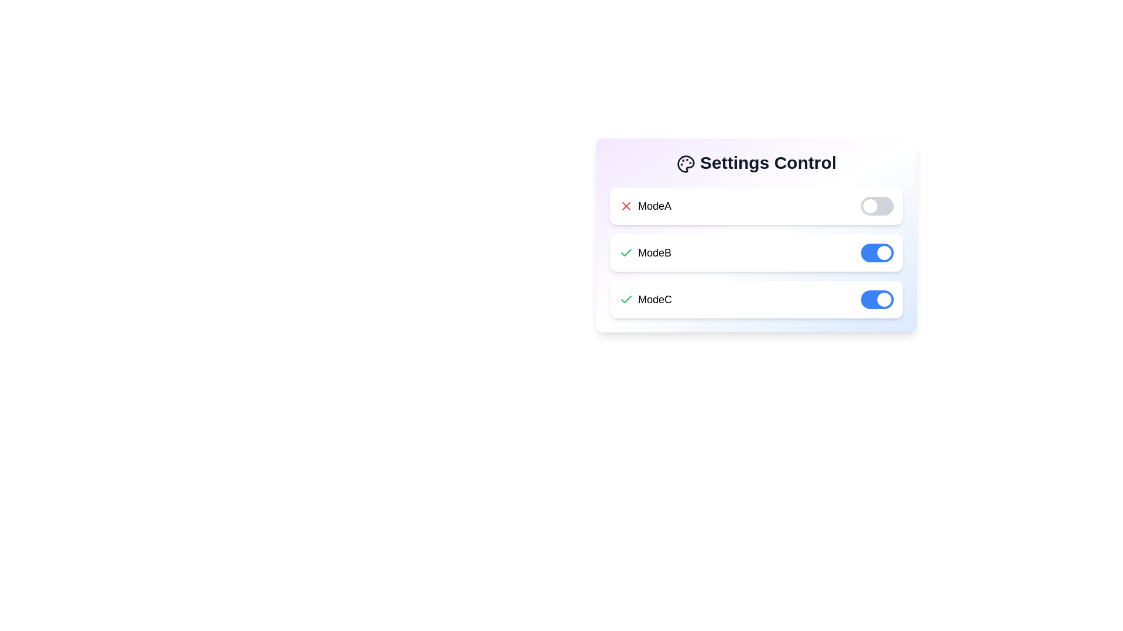  Describe the element at coordinates (654, 299) in the screenshot. I see `the text label for 'ModeC' located at the bottom of the settings panel` at that location.